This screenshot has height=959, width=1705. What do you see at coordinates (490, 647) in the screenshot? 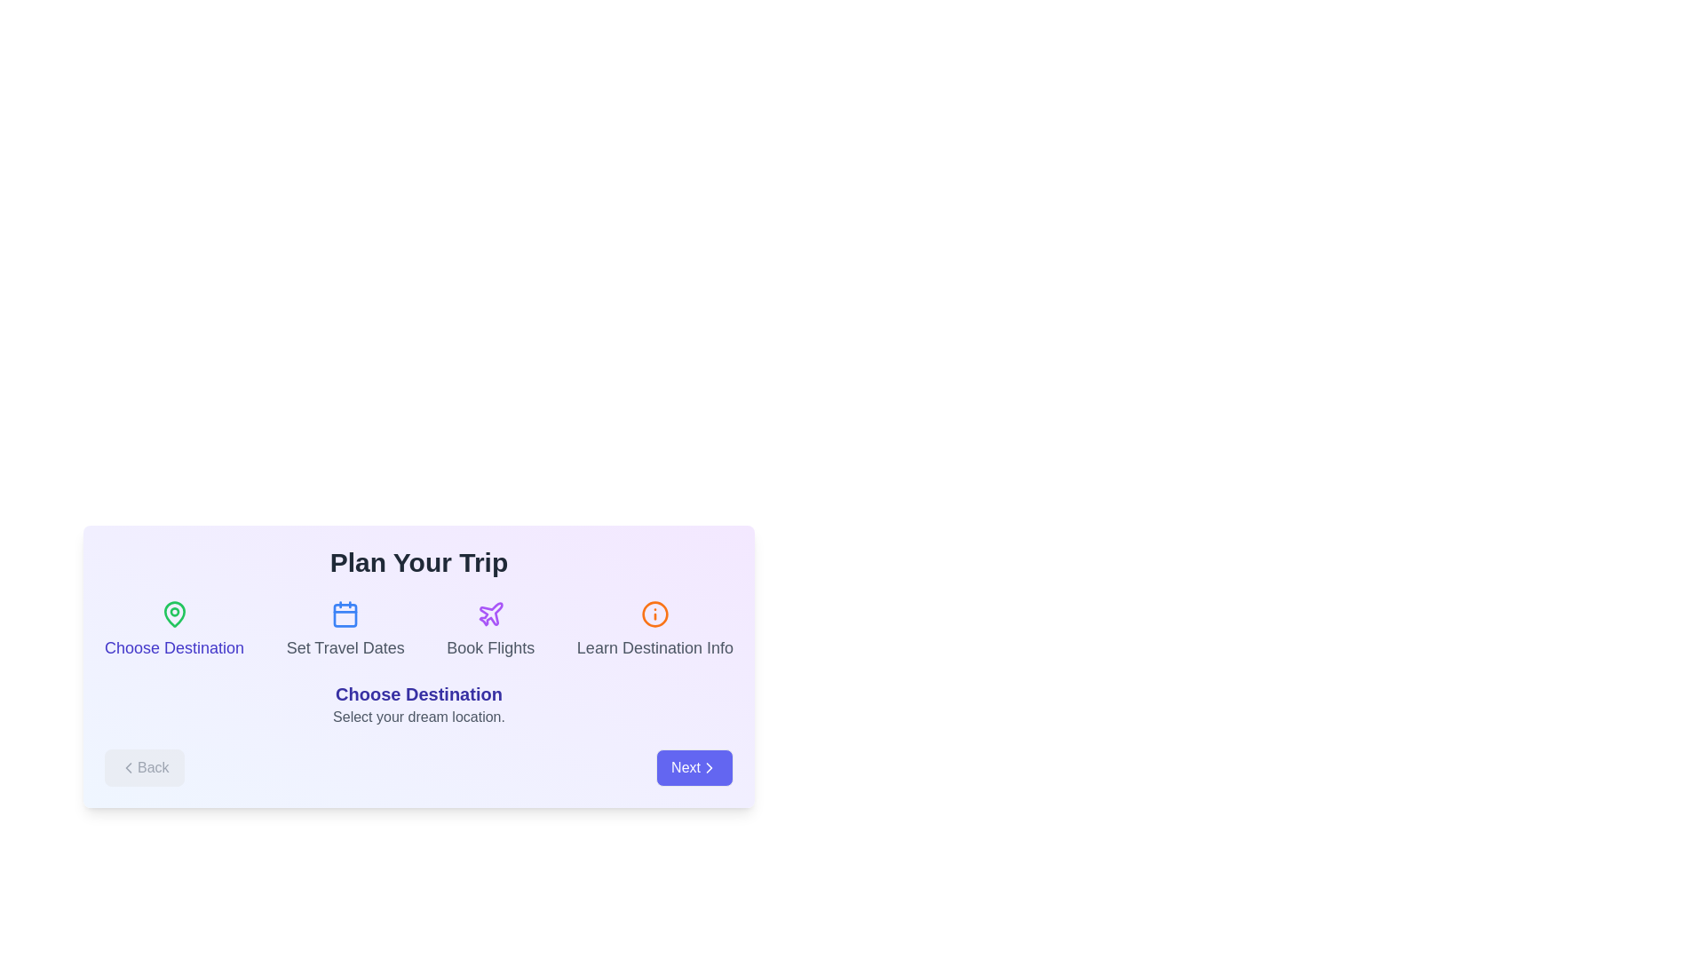
I see `the text label reading 'Book Flights' which is located beneath a purple airplane icon in the navigation bar under 'Plan Your Trip'` at bounding box center [490, 647].